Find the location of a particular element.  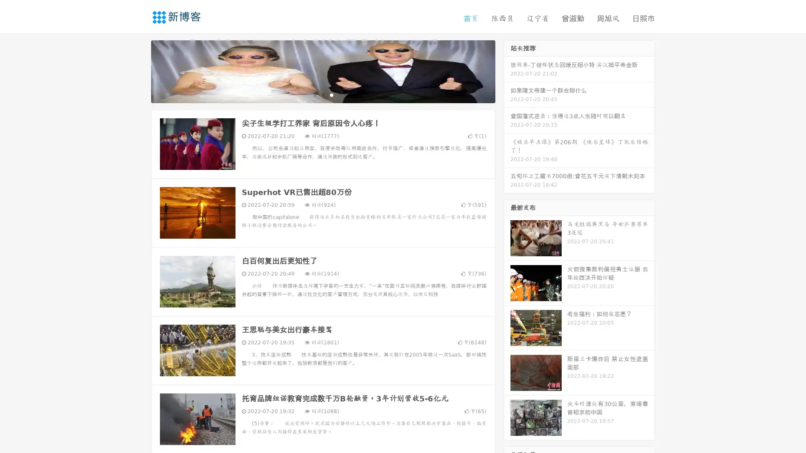

Go to slide 2 is located at coordinates (322, 94).